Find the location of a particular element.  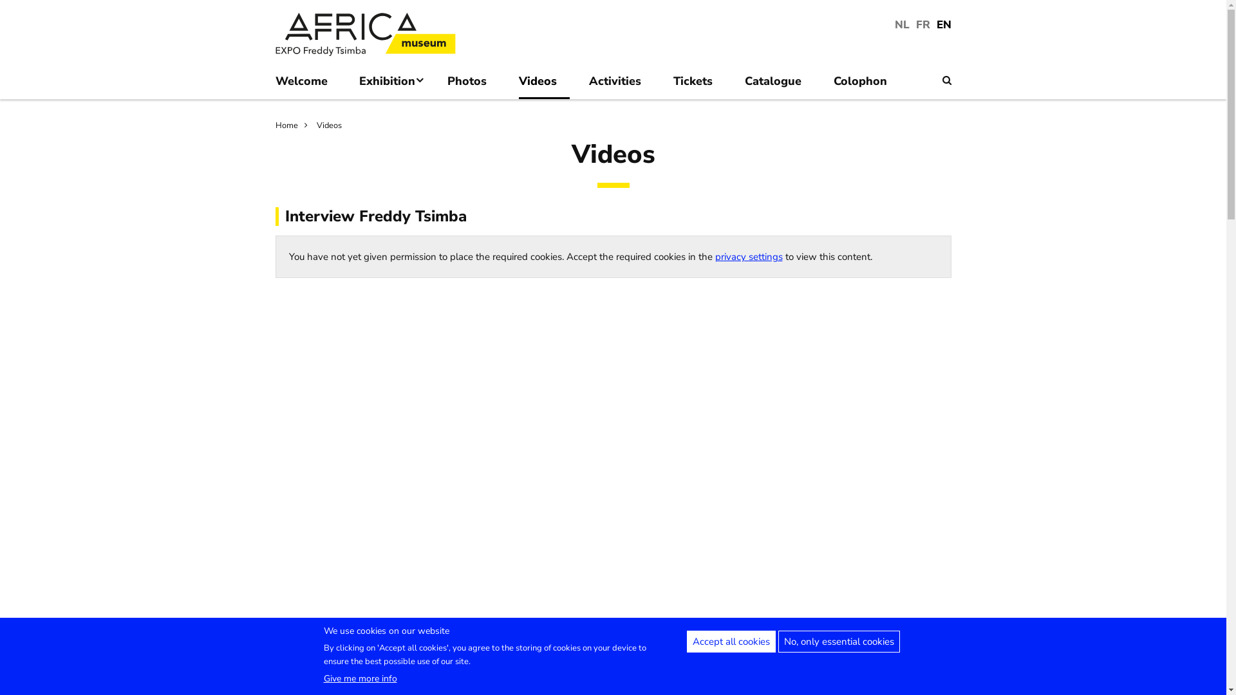

'FR' is located at coordinates (922, 24).